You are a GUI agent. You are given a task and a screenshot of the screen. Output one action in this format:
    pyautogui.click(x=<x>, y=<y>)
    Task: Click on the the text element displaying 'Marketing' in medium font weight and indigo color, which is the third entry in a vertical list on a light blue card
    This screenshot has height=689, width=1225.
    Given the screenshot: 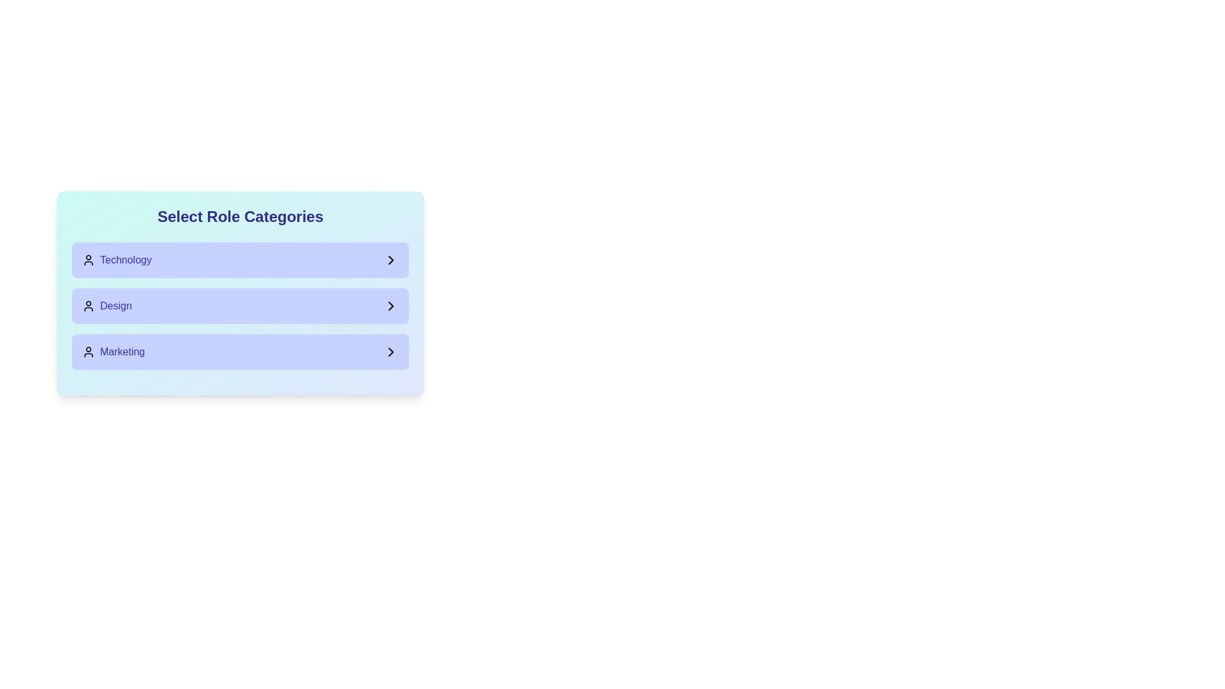 What is the action you would take?
    pyautogui.click(x=122, y=352)
    